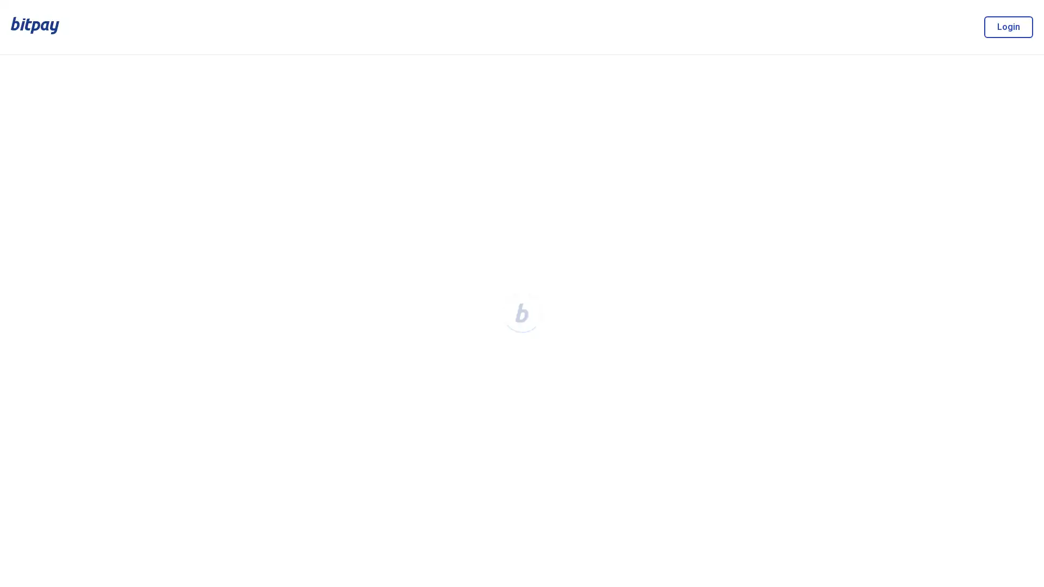 The image size is (1044, 587). Describe the element at coordinates (1008, 27) in the screenshot. I see `Login` at that location.